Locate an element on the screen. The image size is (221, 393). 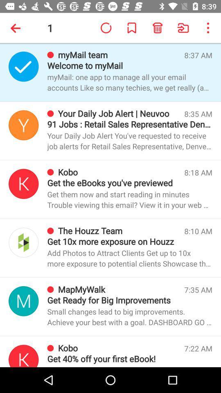
display name logo profile info button is located at coordinates (23, 300).